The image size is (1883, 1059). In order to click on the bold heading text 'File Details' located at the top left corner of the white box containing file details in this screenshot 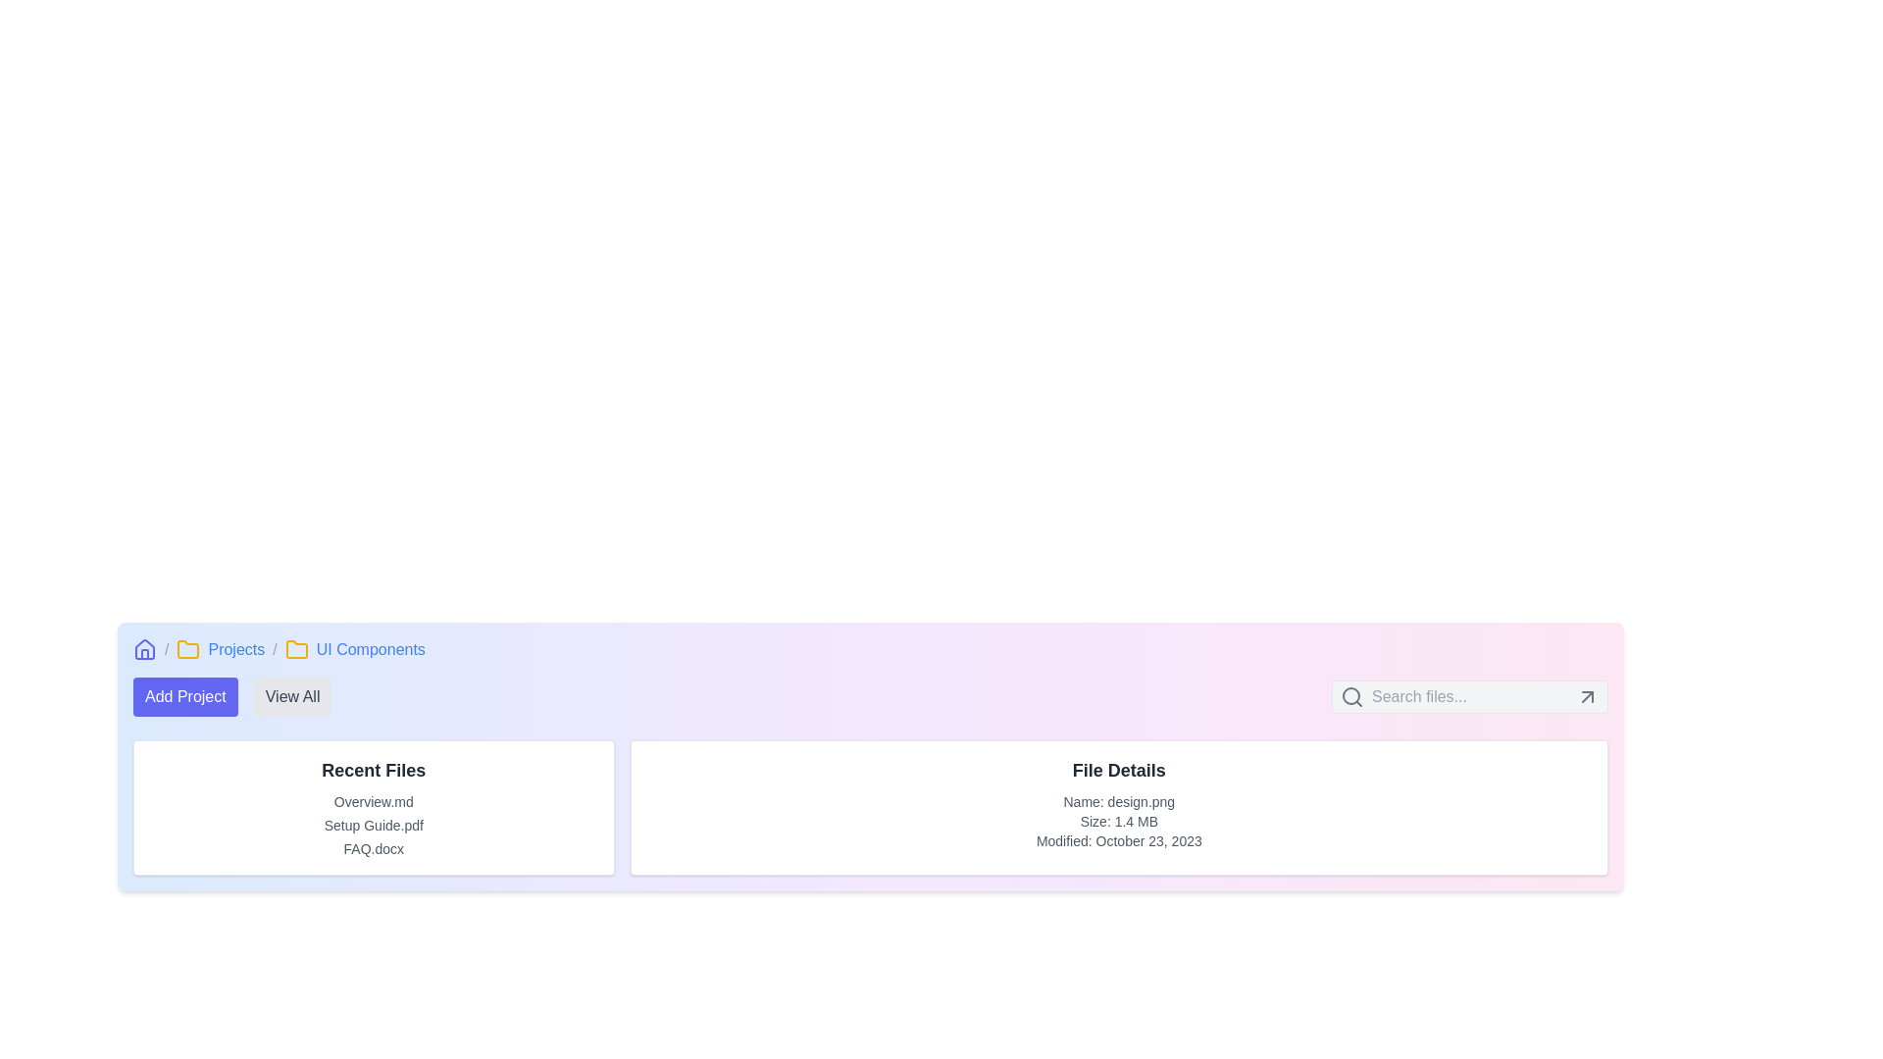, I will do `click(1119, 770)`.